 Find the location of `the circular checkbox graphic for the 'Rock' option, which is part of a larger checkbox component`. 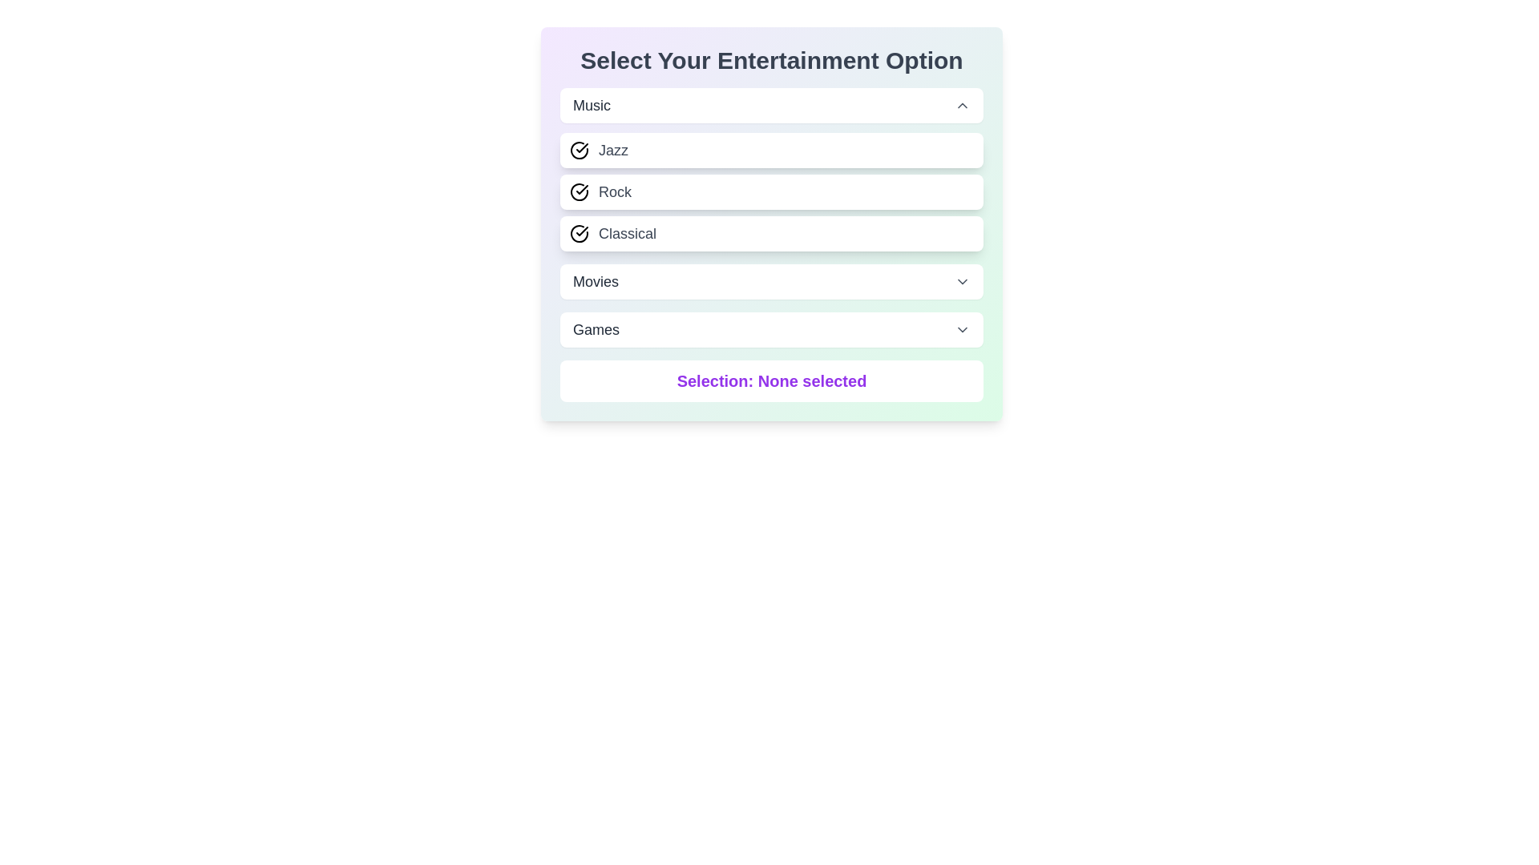

the circular checkbox graphic for the 'Rock' option, which is part of a larger checkbox component is located at coordinates (579, 191).